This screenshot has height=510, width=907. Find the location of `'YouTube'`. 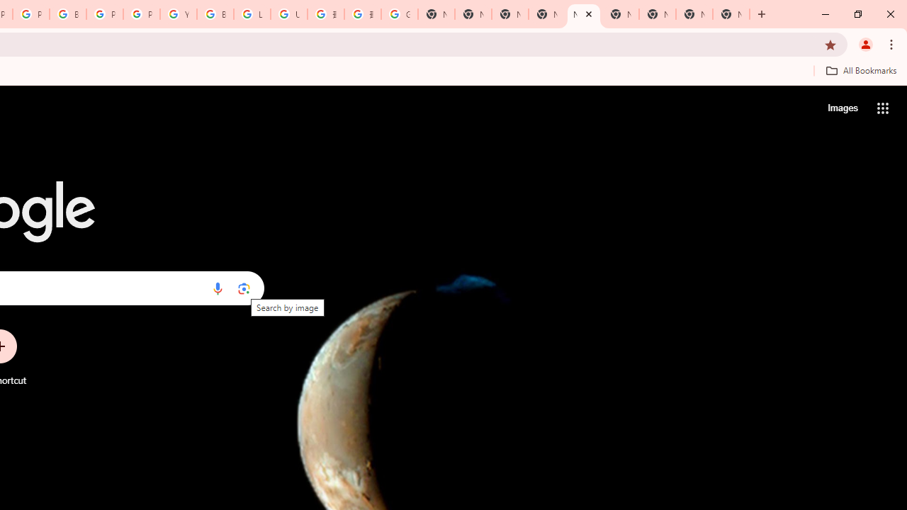

'YouTube' is located at coordinates (178, 14).